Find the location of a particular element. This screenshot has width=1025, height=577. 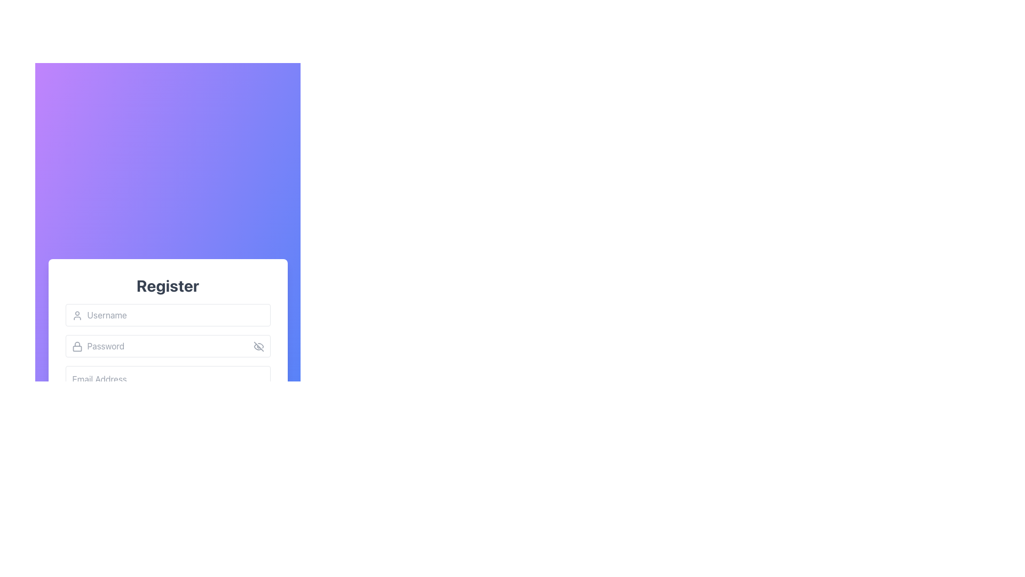

the visibility toggle icon located at the bottom-right corner of the password input field is located at coordinates (258, 346).